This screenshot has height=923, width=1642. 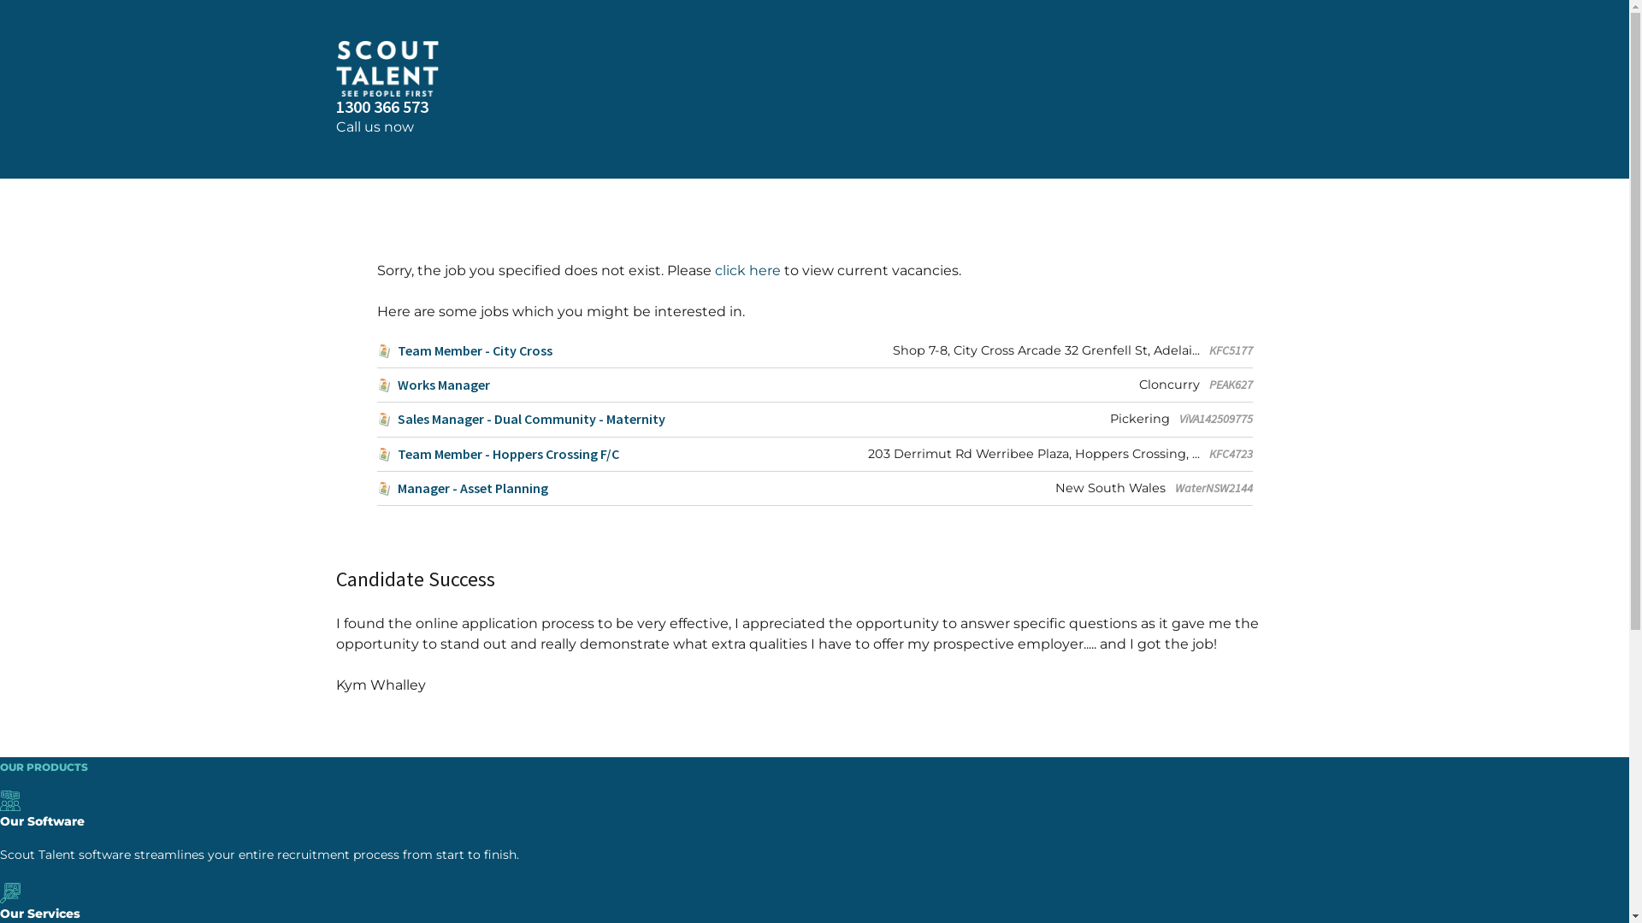 I want to click on 'Sales Manager - Dual Community - Maternity', so click(x=519, y=419).